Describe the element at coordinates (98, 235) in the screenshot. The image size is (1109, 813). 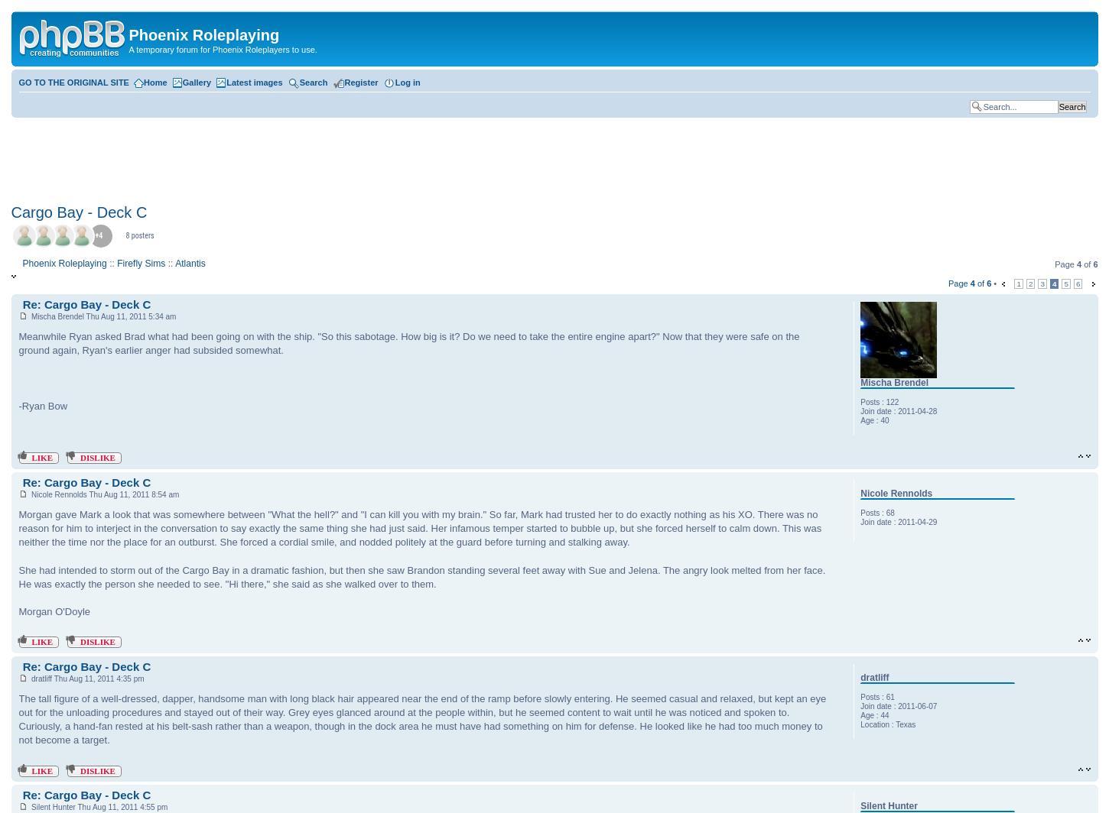
I see `'+4'` at that location.